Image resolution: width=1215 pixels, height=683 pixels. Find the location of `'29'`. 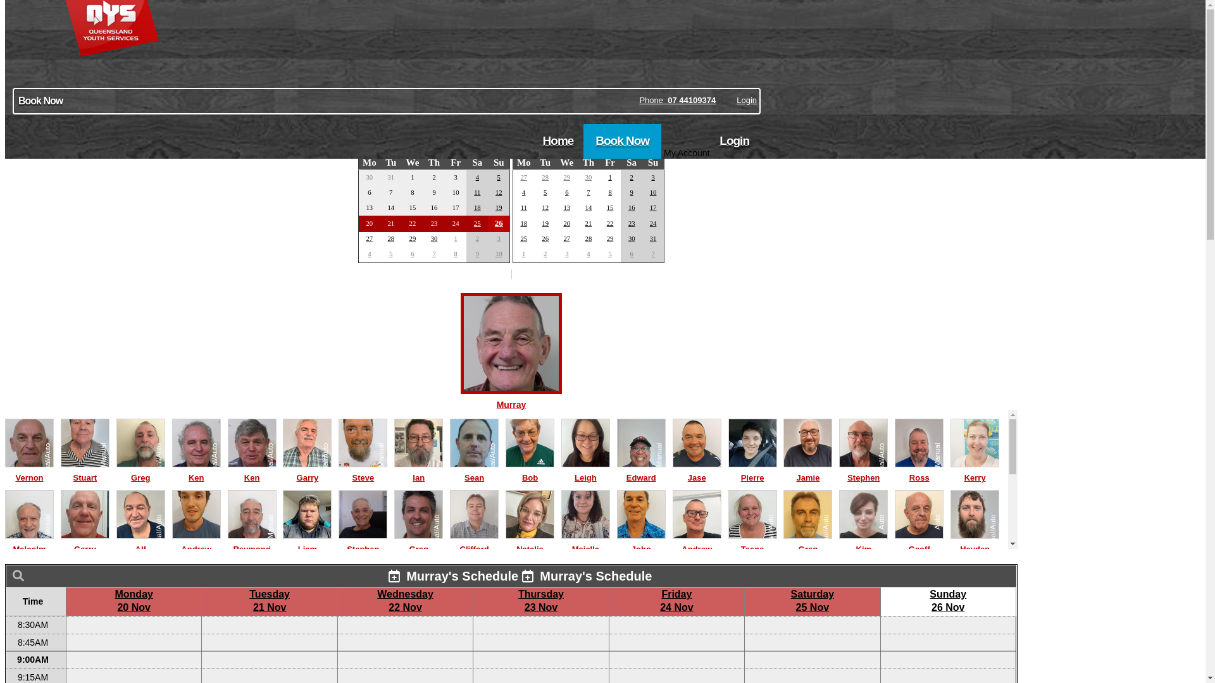

'29' is located at coordinates (610, 238).